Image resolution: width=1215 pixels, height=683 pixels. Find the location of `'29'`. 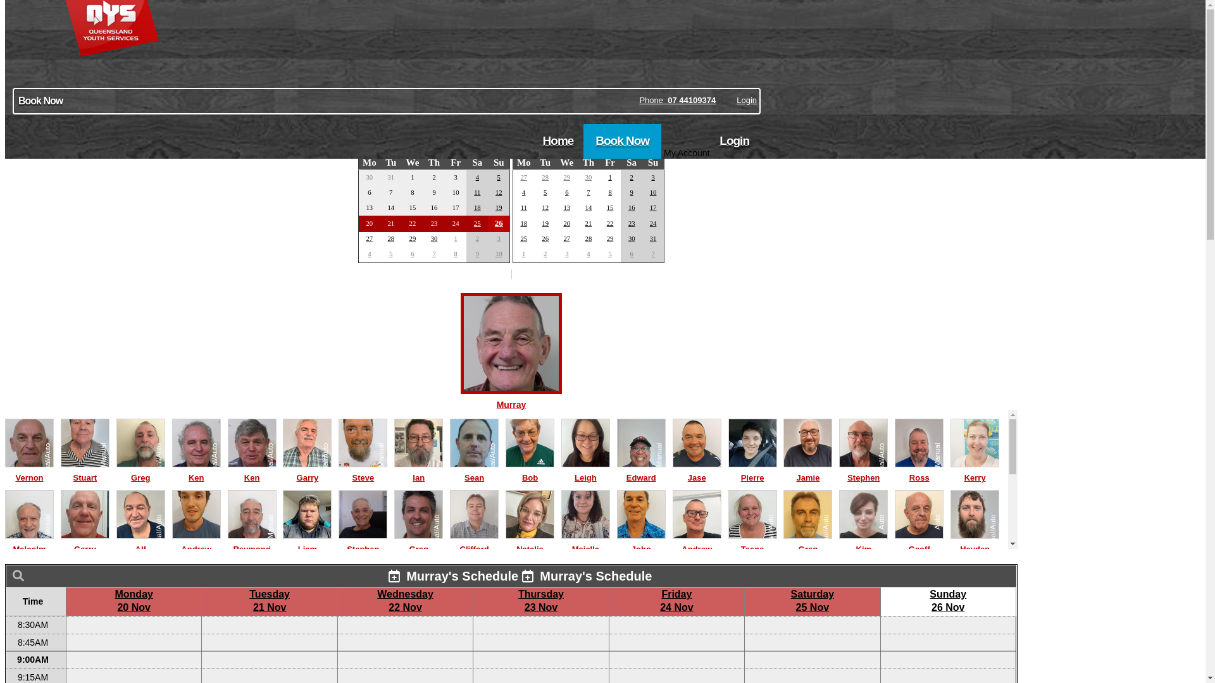

'29' is located at coordinates (610, 238).